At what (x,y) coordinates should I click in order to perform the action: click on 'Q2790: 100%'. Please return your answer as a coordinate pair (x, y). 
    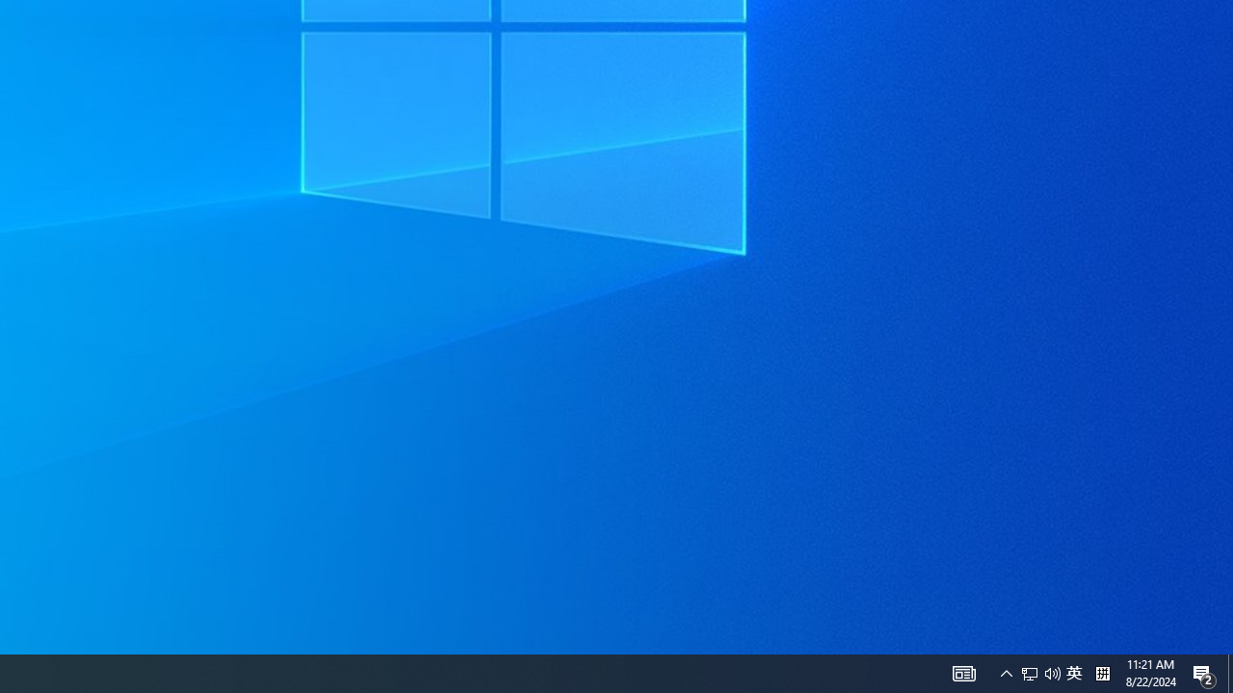
    Looking at the image, I should click on (1029, 672).